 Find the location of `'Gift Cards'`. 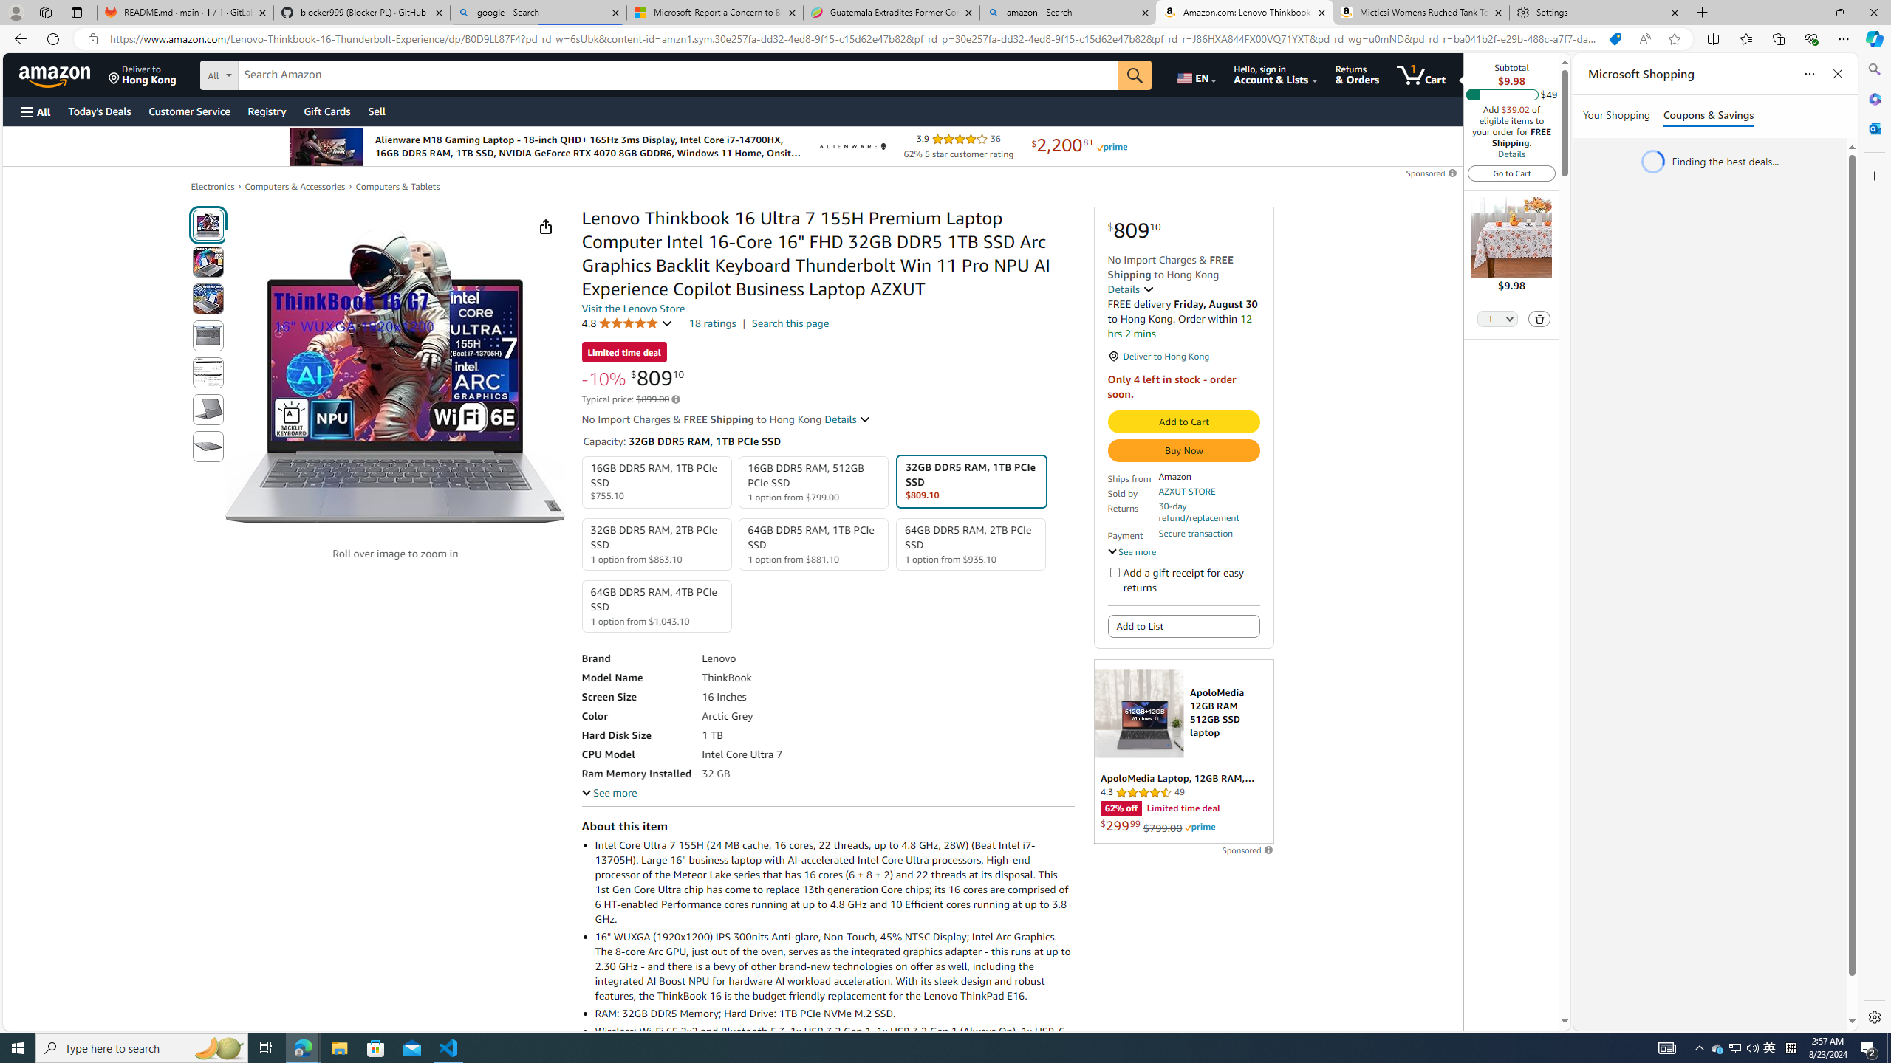

'Gift Cards' is located at coordinates (326, 111).